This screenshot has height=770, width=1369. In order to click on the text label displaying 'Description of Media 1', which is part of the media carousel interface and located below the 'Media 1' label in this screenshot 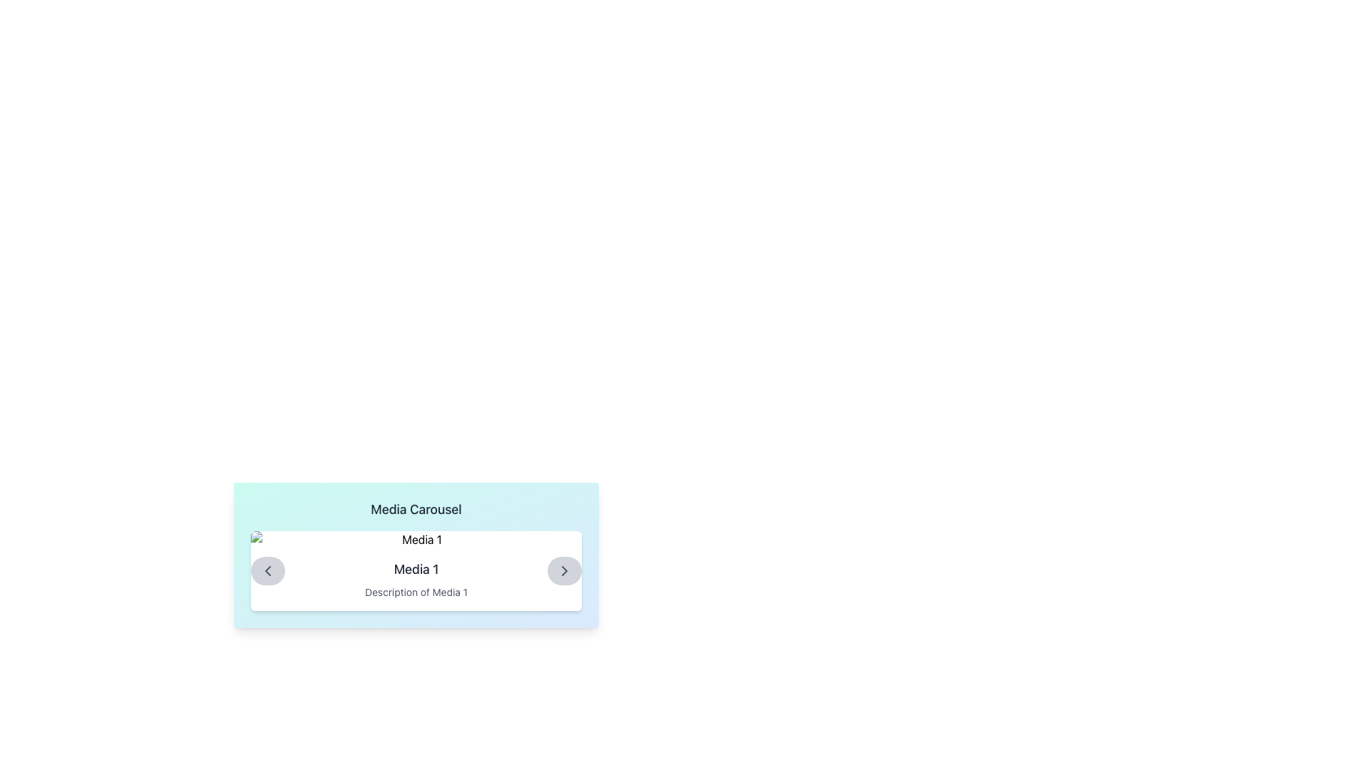, I will do `click(416, 592)`.